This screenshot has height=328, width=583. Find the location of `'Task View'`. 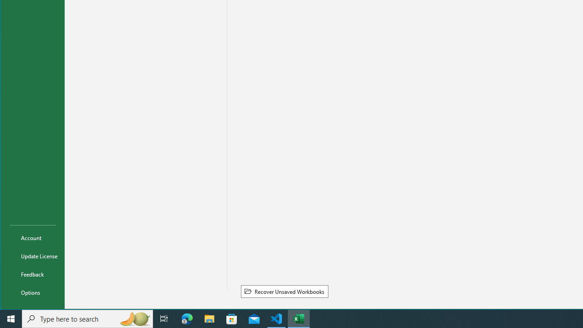

'Task View' is located at coordinates (164, 318).